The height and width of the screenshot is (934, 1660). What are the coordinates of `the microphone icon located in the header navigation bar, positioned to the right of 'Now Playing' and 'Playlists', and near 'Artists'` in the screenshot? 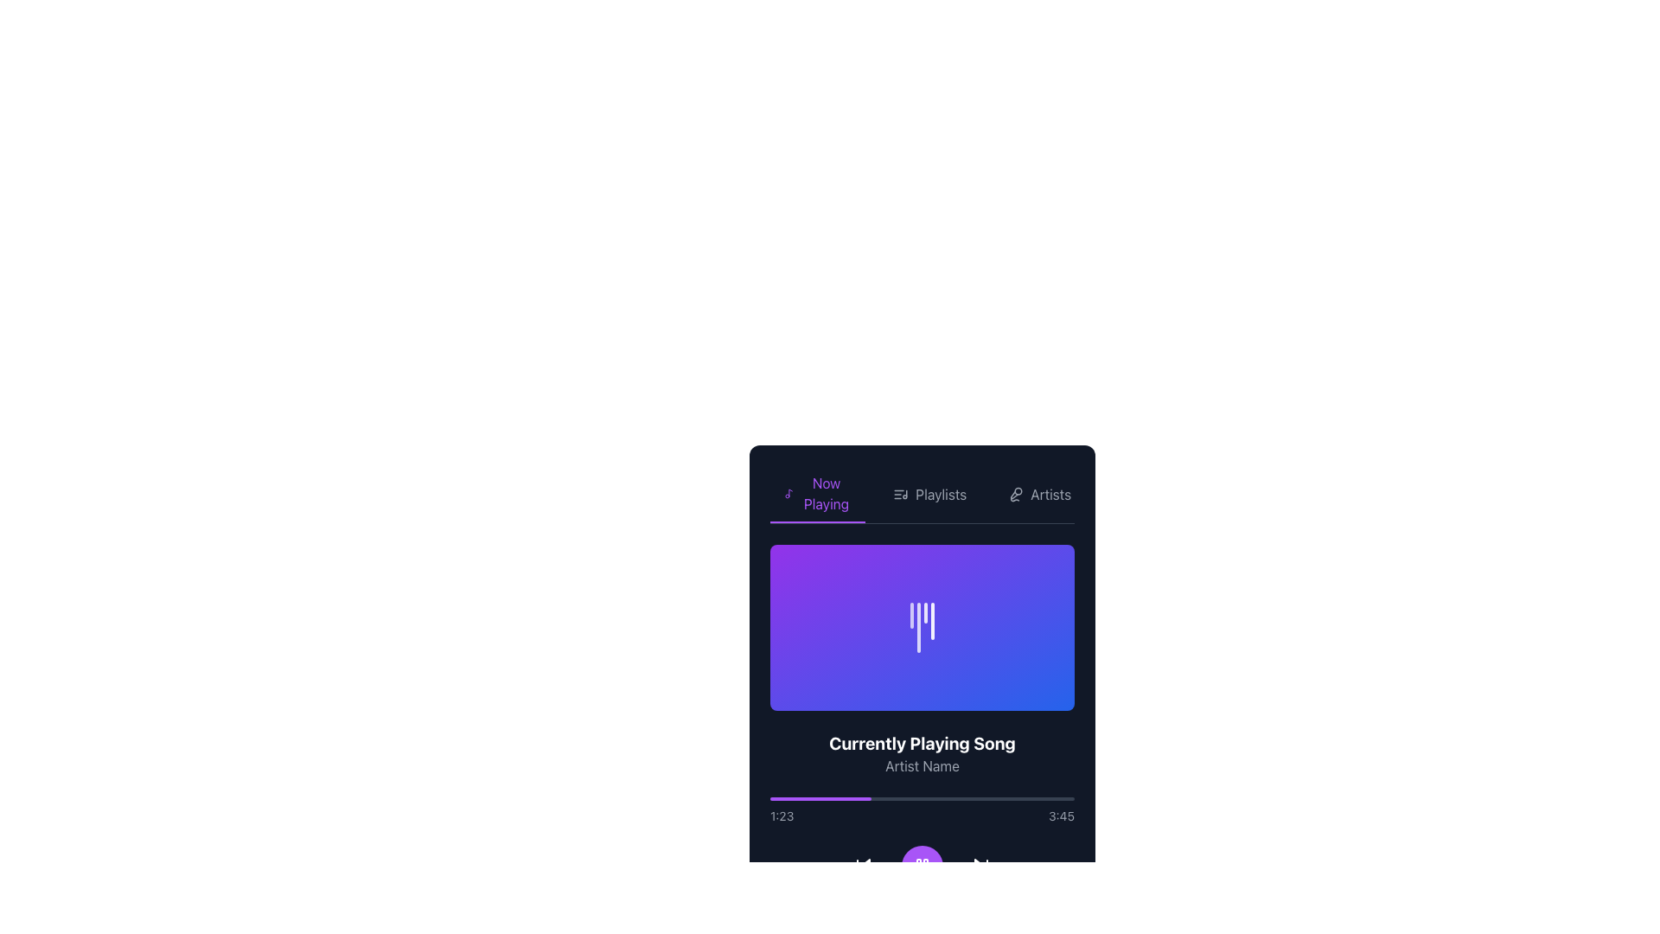 It's located at (1016, 494).